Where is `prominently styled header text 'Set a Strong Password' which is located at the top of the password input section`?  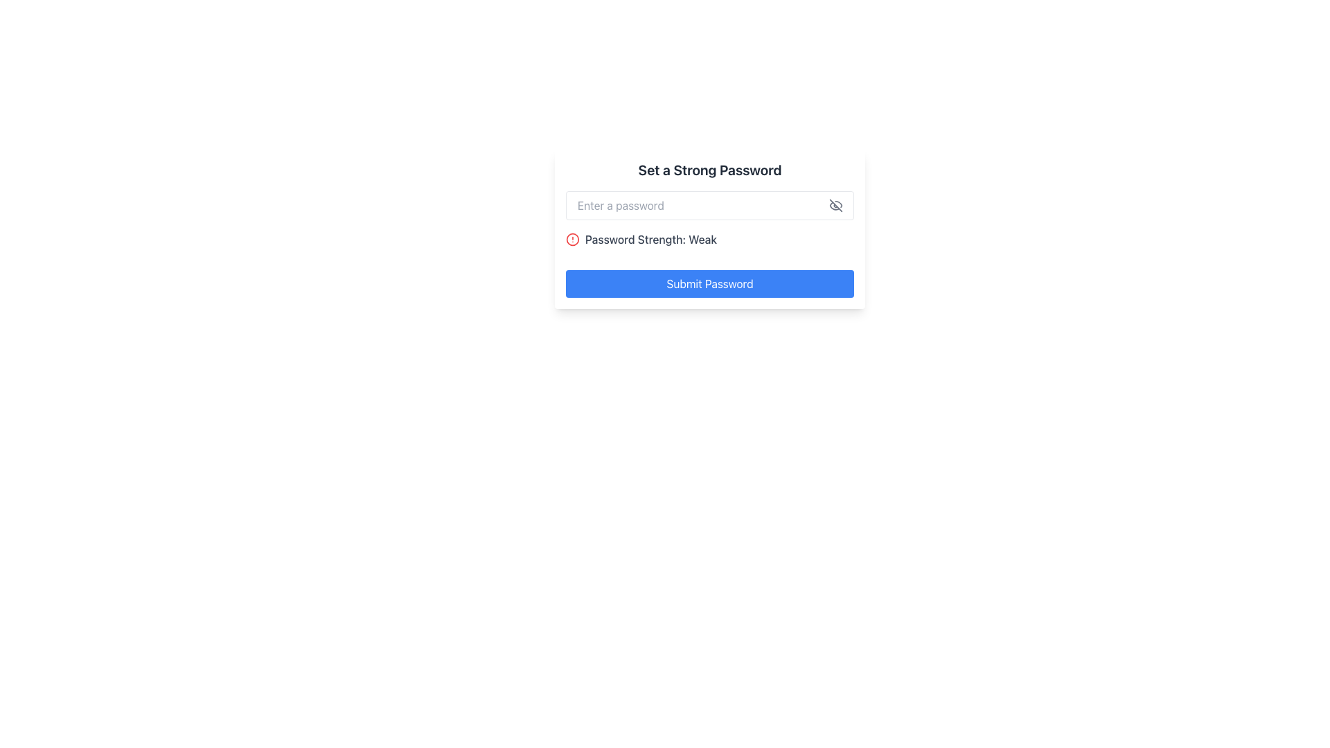
prominently styled header text 'Set a Strong Password' which is located at the top of the password input section is located at coordinates (710, 170).